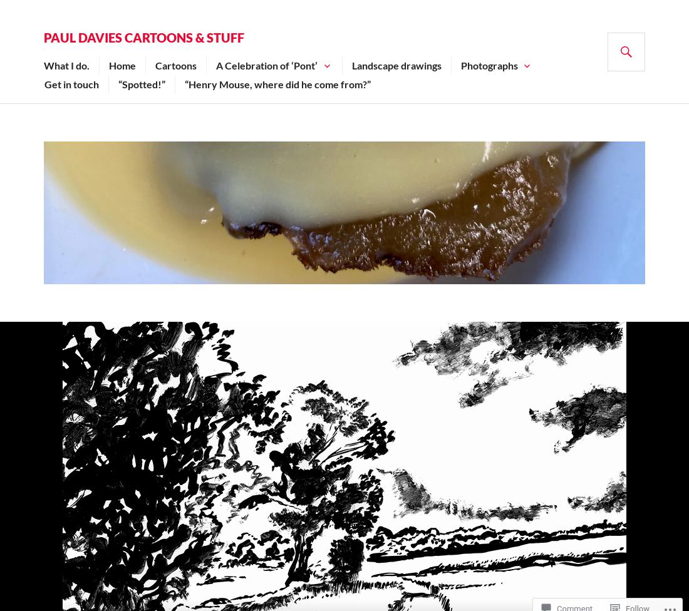  Describe the element at coordinates (142, 83) in the screenshot. I see `'“Spotted!”'` at that location.